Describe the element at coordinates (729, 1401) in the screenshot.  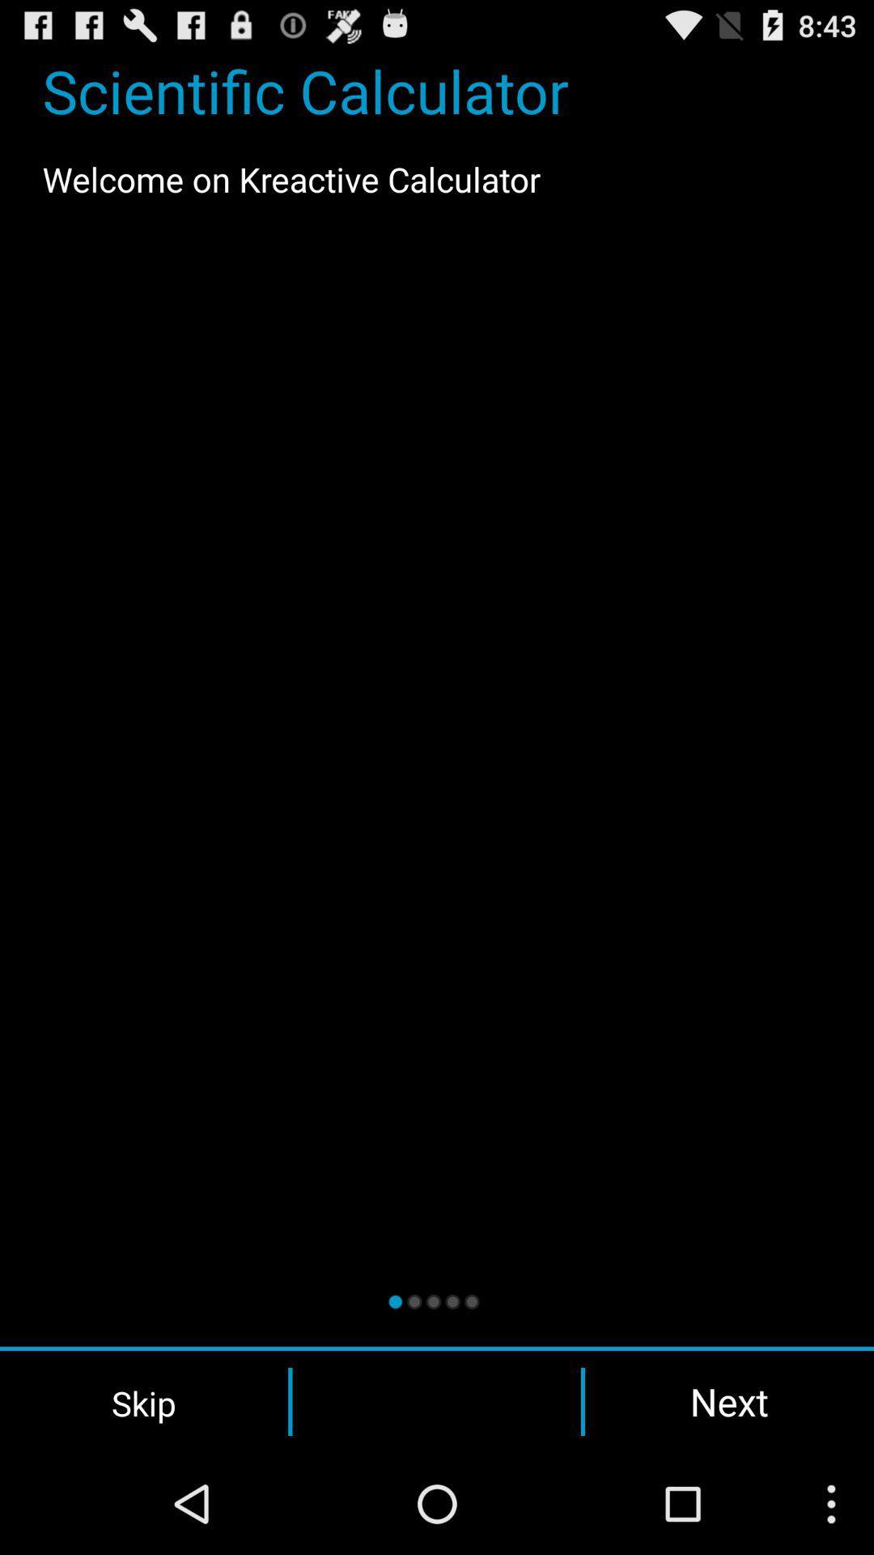
I see `next icon` at that location.